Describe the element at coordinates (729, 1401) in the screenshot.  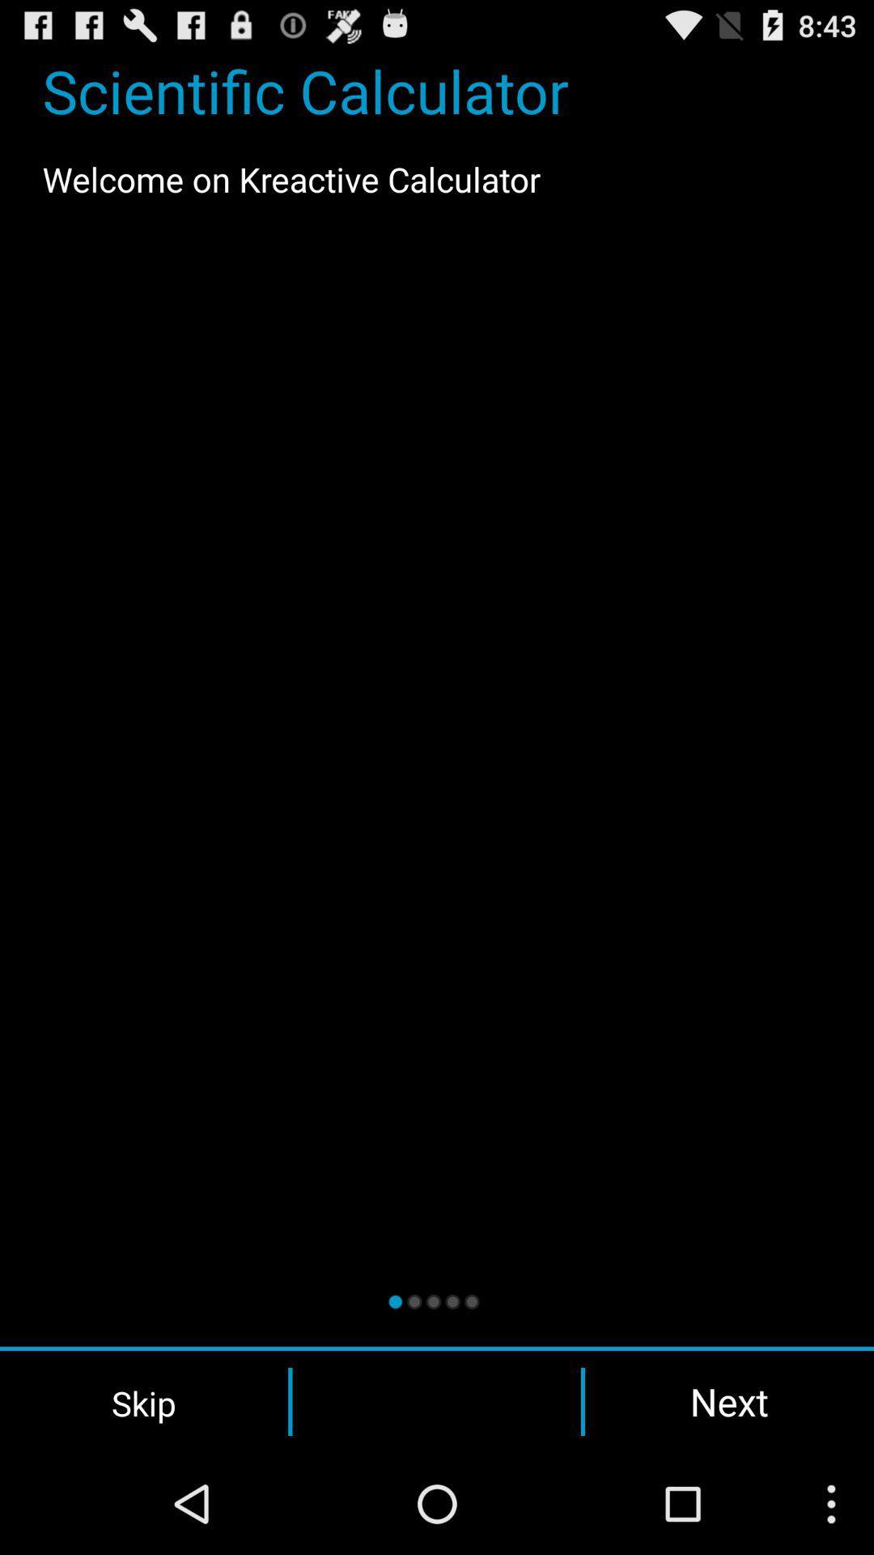
I see `next icon` at that location.